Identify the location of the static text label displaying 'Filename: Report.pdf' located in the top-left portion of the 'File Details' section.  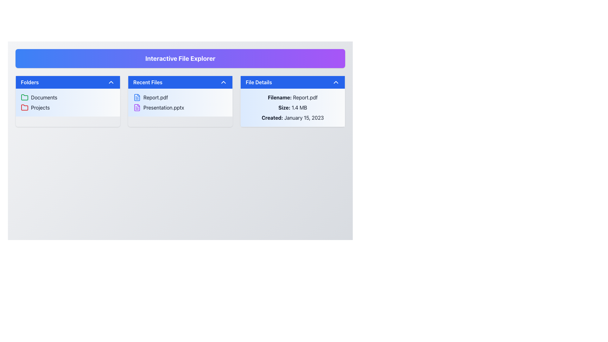
(292, 98).